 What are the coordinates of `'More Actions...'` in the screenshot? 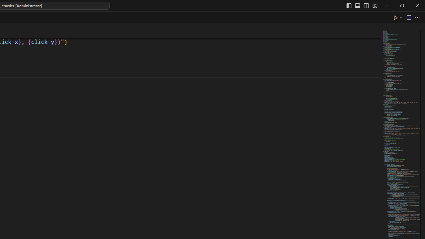 It's located at (417, 17).